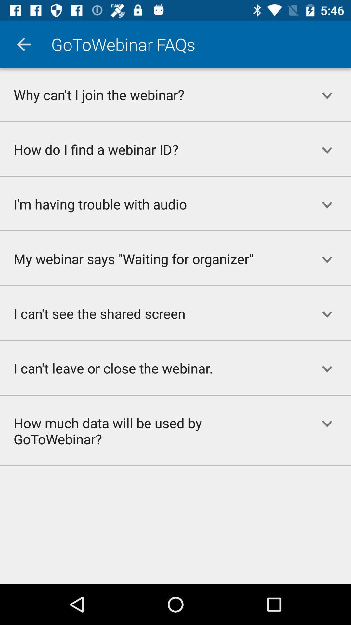 This screenshot has width=351, height=625. Describe the element at coordinates (23, 44) in the screenshot. I see `the icon above why can t` at that location.